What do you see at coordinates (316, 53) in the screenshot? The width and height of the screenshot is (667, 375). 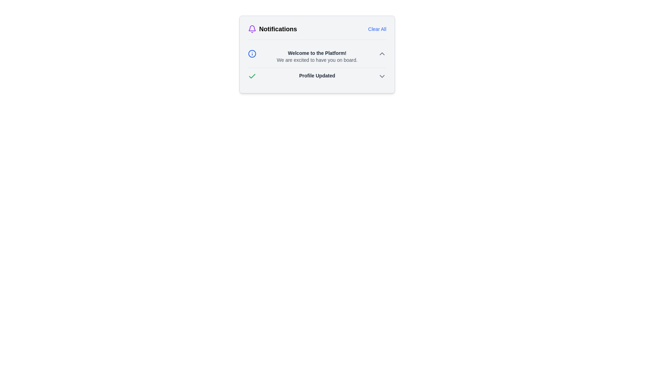 I see `the welcome message text label that serves as the title of the notification segment, positioned directly beneath the information icon` at bounding box center [316, 53].